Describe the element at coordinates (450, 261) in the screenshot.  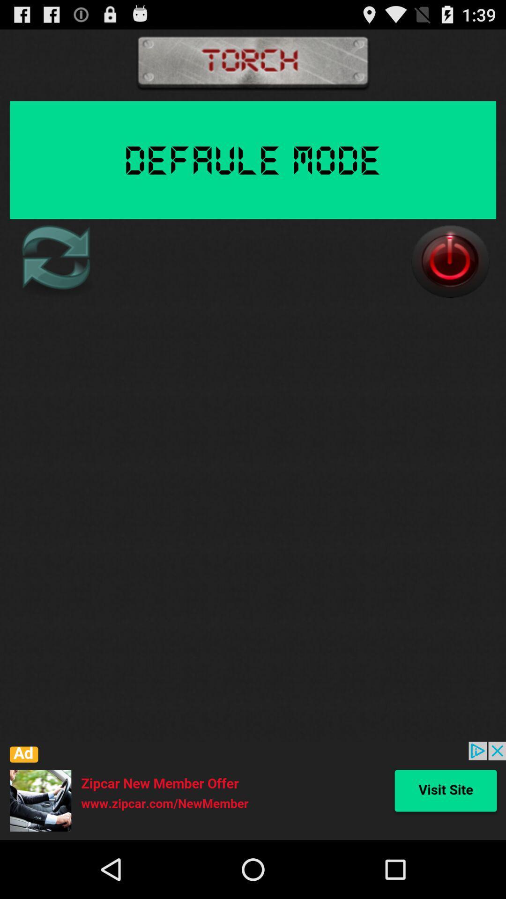
I see `on/off flashlight` at that location.